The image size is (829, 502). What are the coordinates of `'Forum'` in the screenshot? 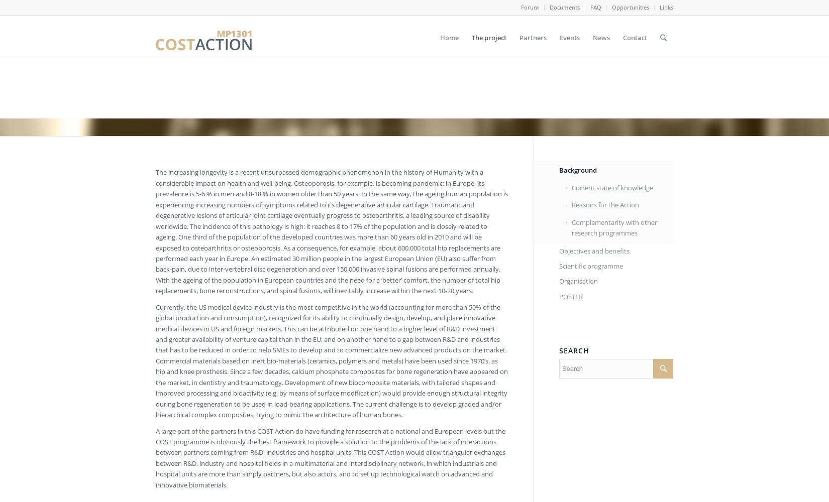 It's located at (530, 7).